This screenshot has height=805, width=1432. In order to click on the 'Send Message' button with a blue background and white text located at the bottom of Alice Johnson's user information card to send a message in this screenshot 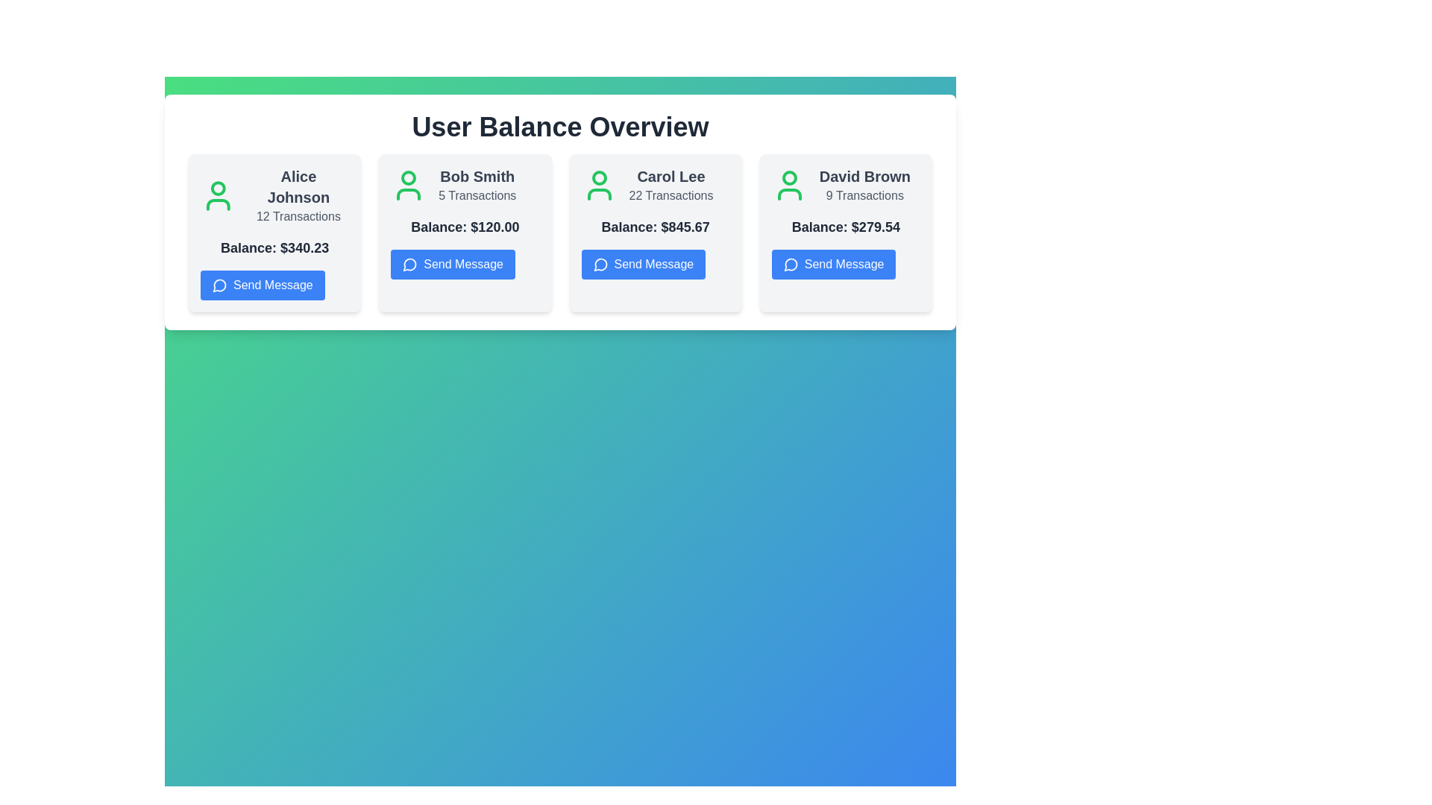, I will do `click(263, 285)`.